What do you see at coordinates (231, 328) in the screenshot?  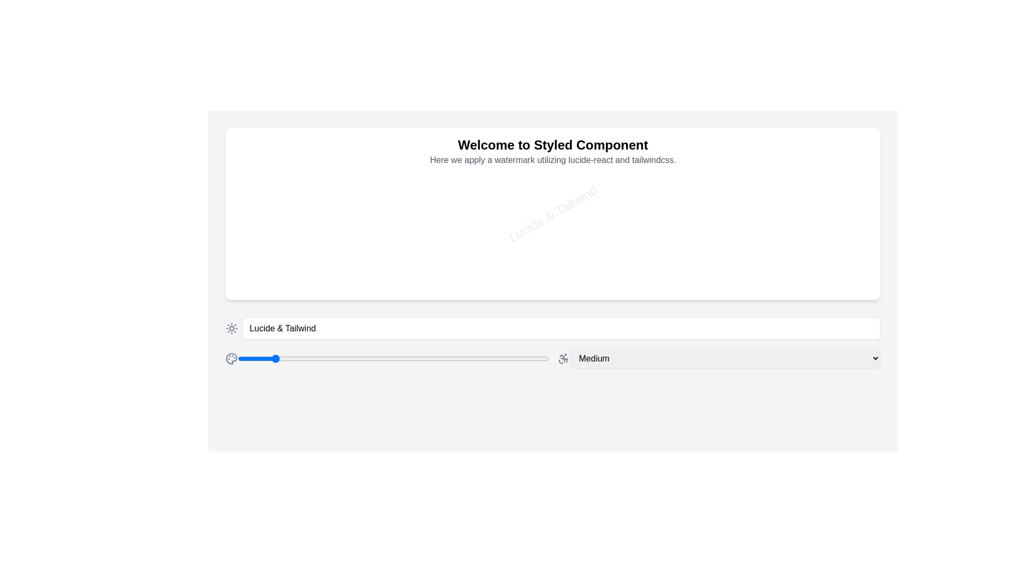 I see `the sun icon, which is the first element in a horizontal group located above the text input box labeled 'Lucide & Tailwind'` at bounding box center [231, 328].